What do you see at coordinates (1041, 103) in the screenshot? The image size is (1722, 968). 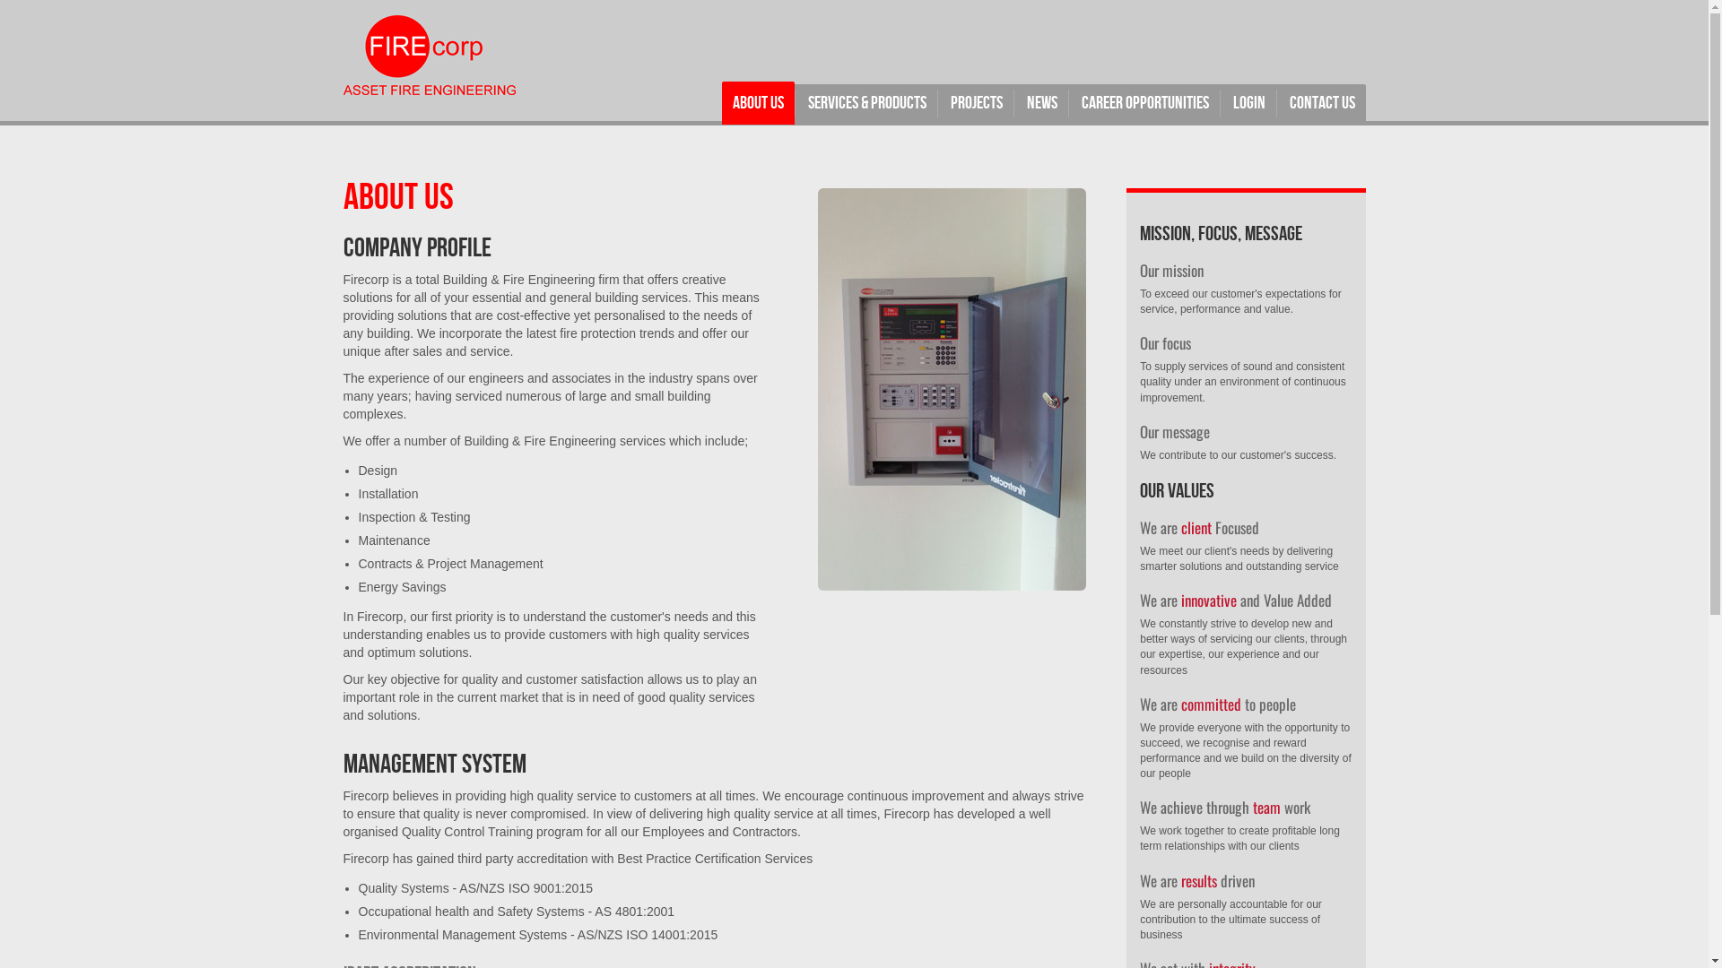 I see `'NEWS'` at bounding box center [1041, 103].